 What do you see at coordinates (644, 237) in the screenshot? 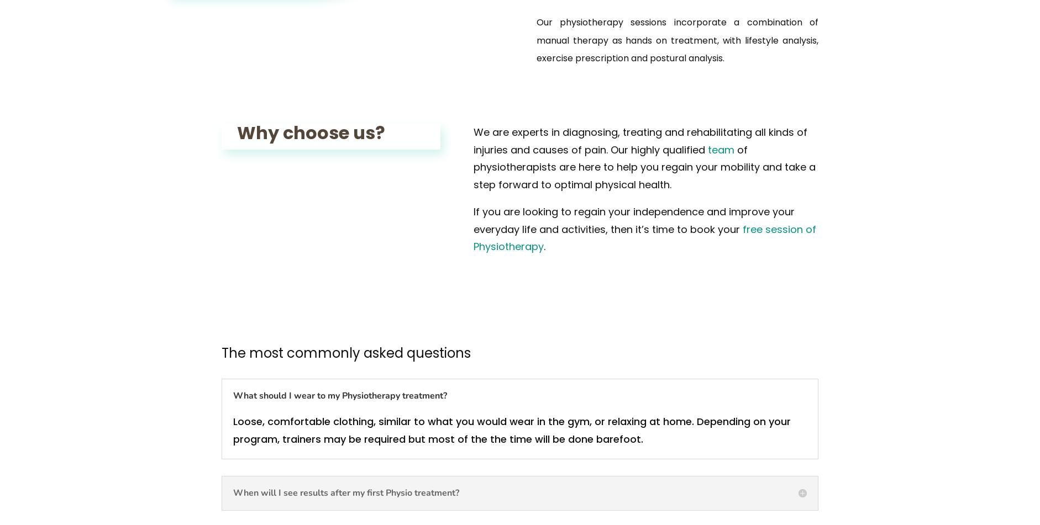
I see `'free session of Physiotherapy'` at bounding box center [644, 237].